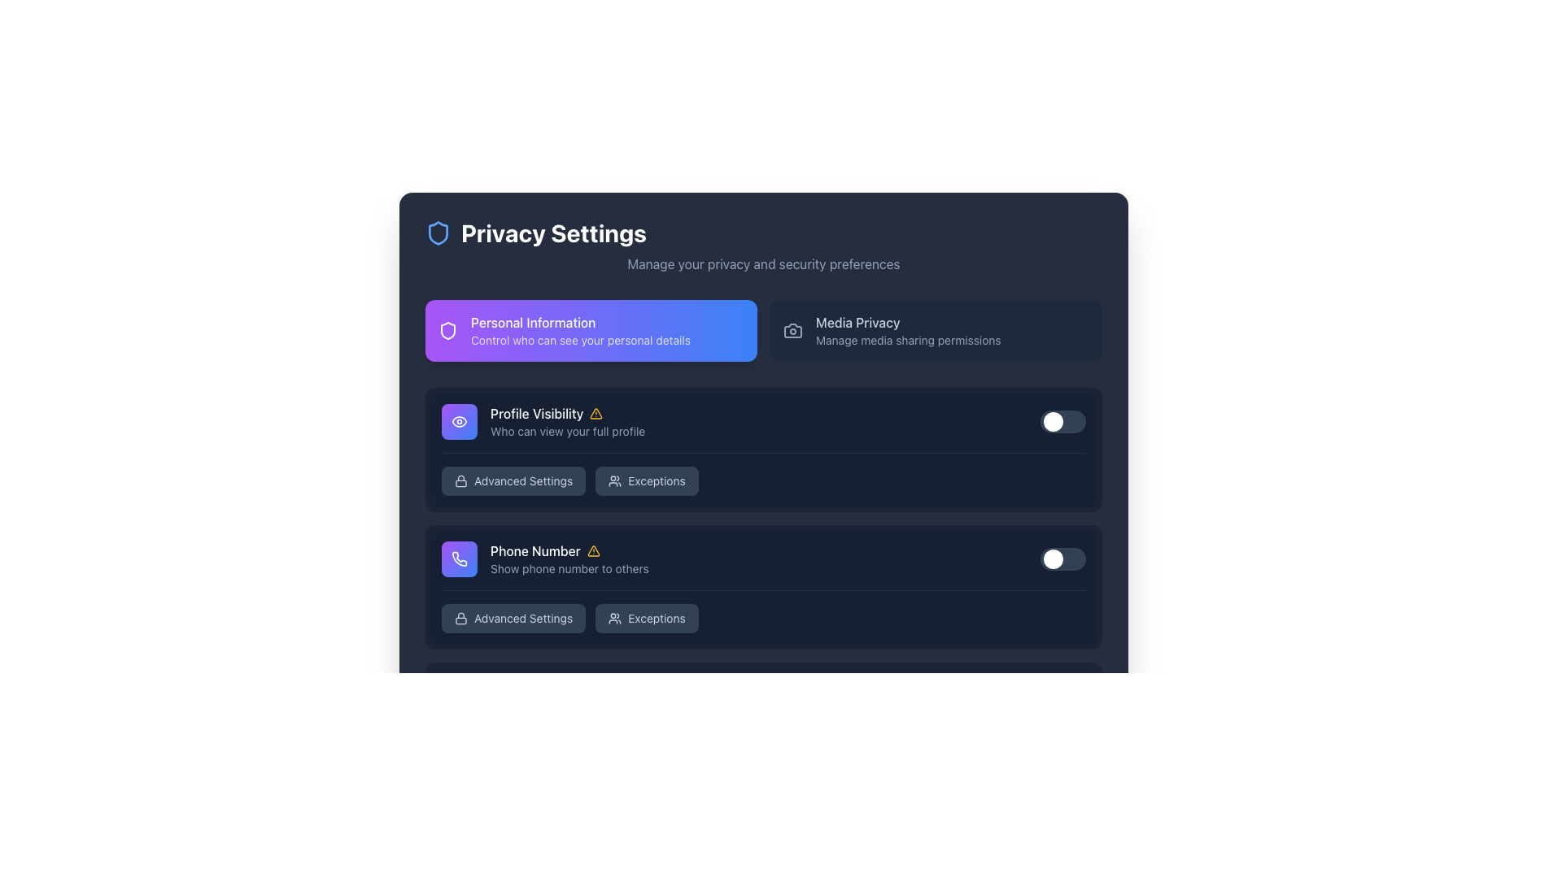 The image size is (1562, 878). Describe the element at coordinates (936, 330) in the screenshot. I see `the interactive card for media privacy settings located in the top-right section of the grid of settings cards` at that location.